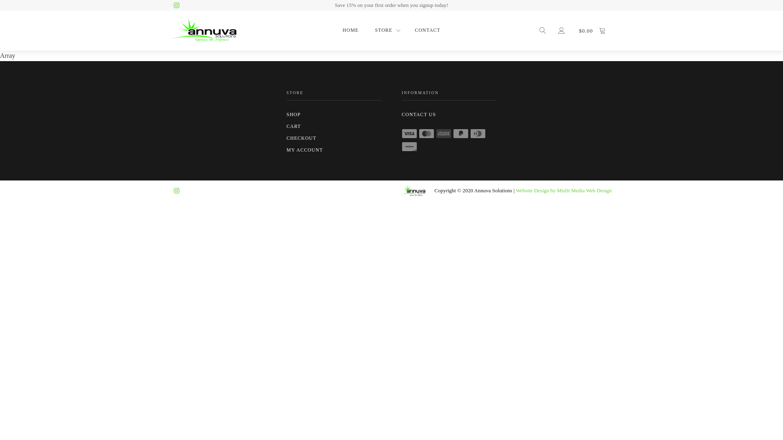  Describe the element at coordinates (334, 126) in the screenshot. I see `'CART'` at that location.